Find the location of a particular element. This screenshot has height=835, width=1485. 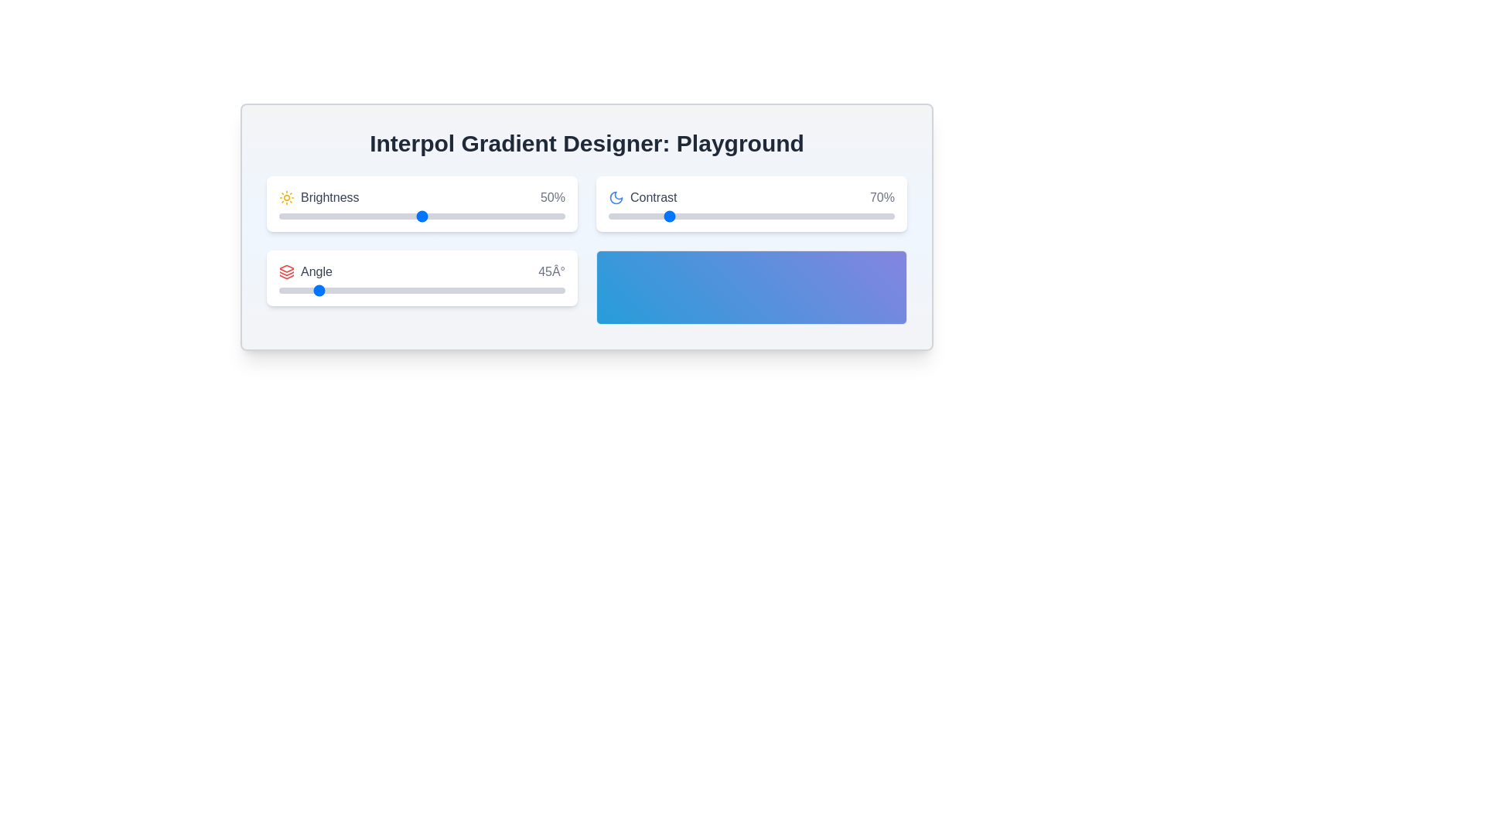

brightness level is located at coordinates (308, 216).